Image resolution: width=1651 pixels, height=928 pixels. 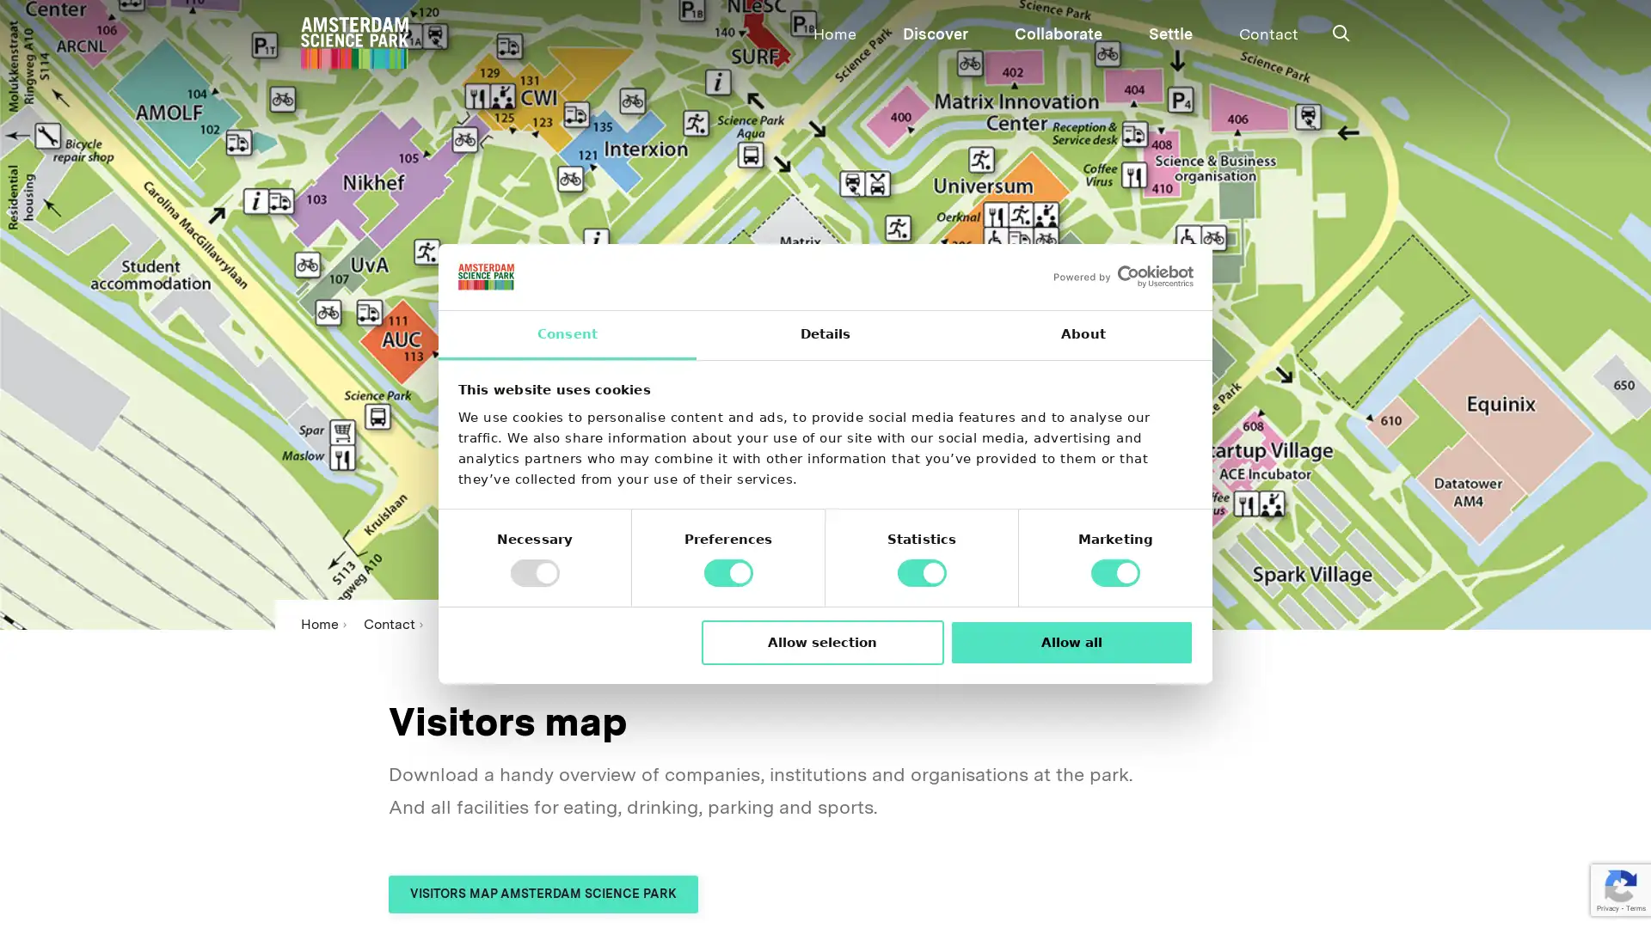 I want to click on Allow all, so click(x=1071, y=642).